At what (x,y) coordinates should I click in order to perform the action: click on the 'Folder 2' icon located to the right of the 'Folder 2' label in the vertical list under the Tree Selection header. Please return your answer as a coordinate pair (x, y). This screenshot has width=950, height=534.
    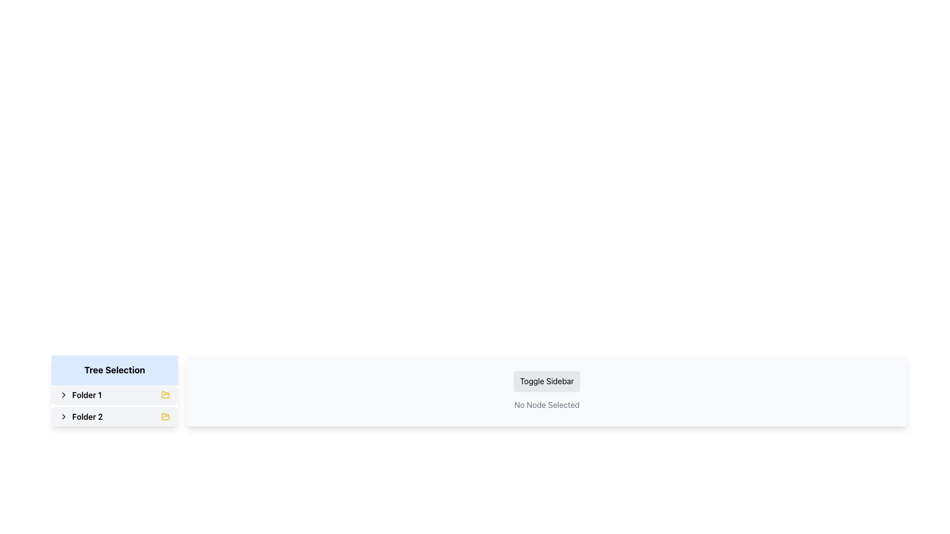
    Looking at the image, I should click on (166, 394).